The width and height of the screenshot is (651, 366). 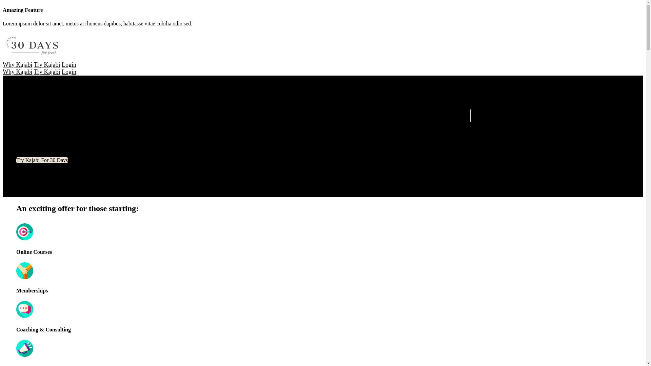 I want to click on 'Login', so click(x=69, y=65).